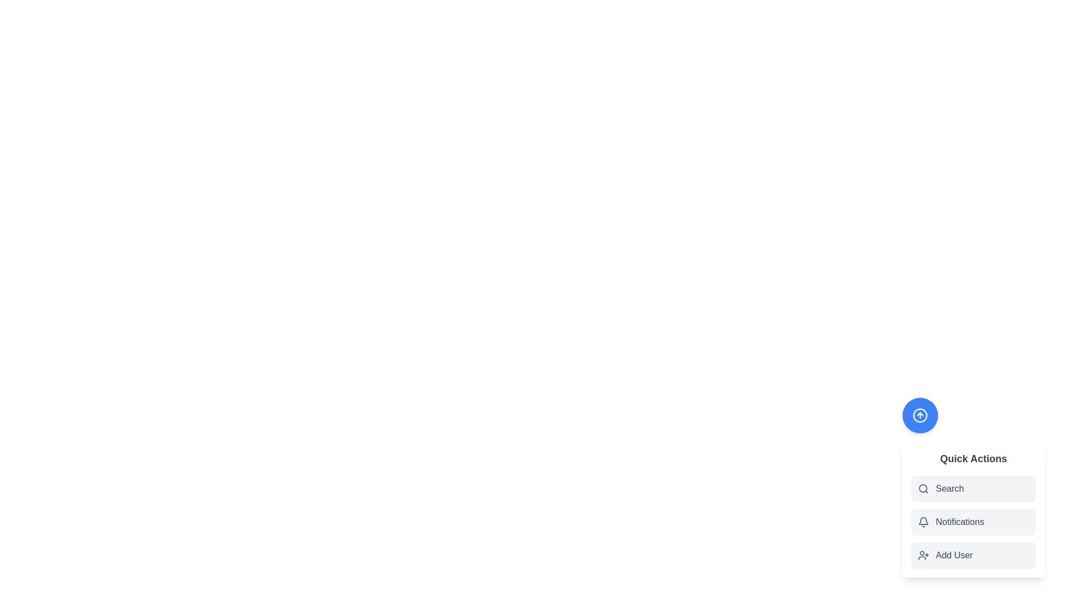  What do you see at coordinates (920, 416) in the screenshot?
I see `the upward-pointing arrow icon situated in the center of the circular button located in the far bottom-right corner of the interface, next to the 'Quick Actions' panel` at bounding box center [920, 416].